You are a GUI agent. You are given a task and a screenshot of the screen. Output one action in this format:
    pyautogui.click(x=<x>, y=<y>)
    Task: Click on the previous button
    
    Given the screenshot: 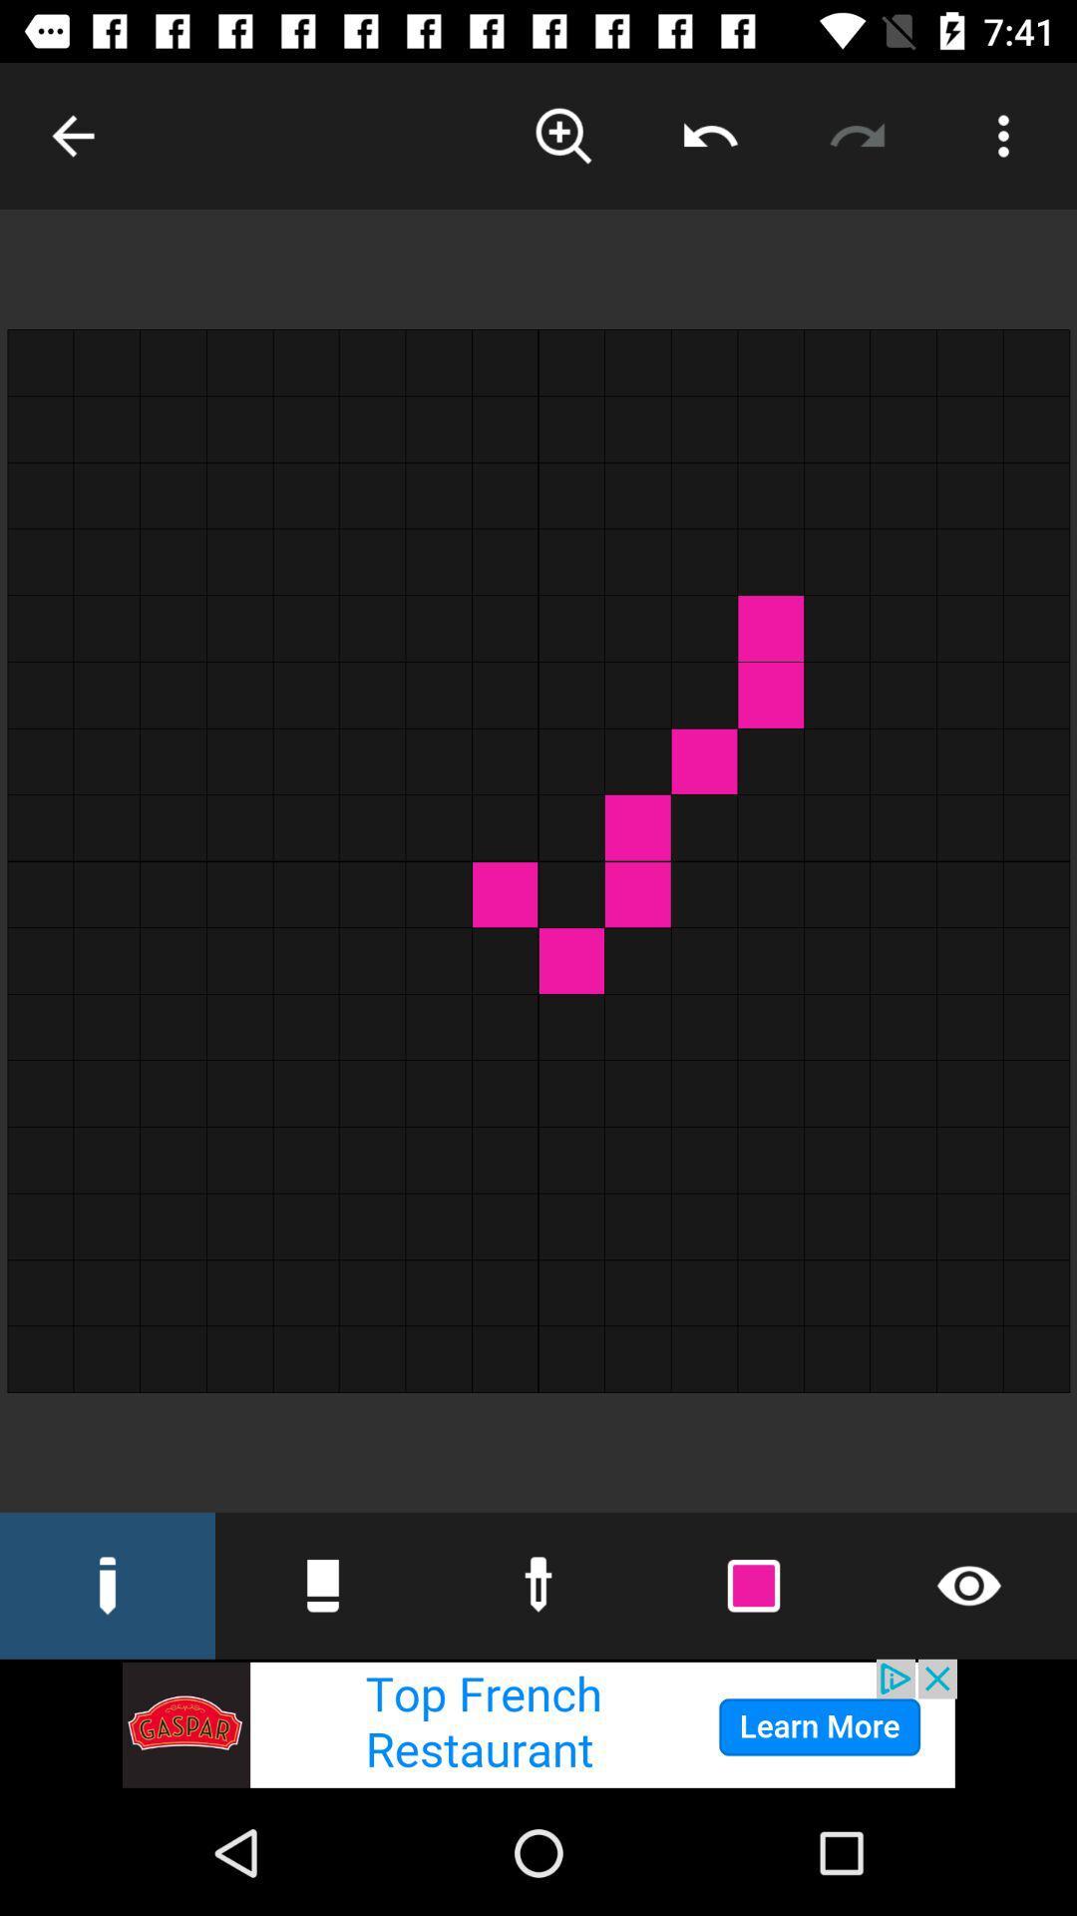 What is the action you would take?
    pyautogui.click(x=709, y=135)
    